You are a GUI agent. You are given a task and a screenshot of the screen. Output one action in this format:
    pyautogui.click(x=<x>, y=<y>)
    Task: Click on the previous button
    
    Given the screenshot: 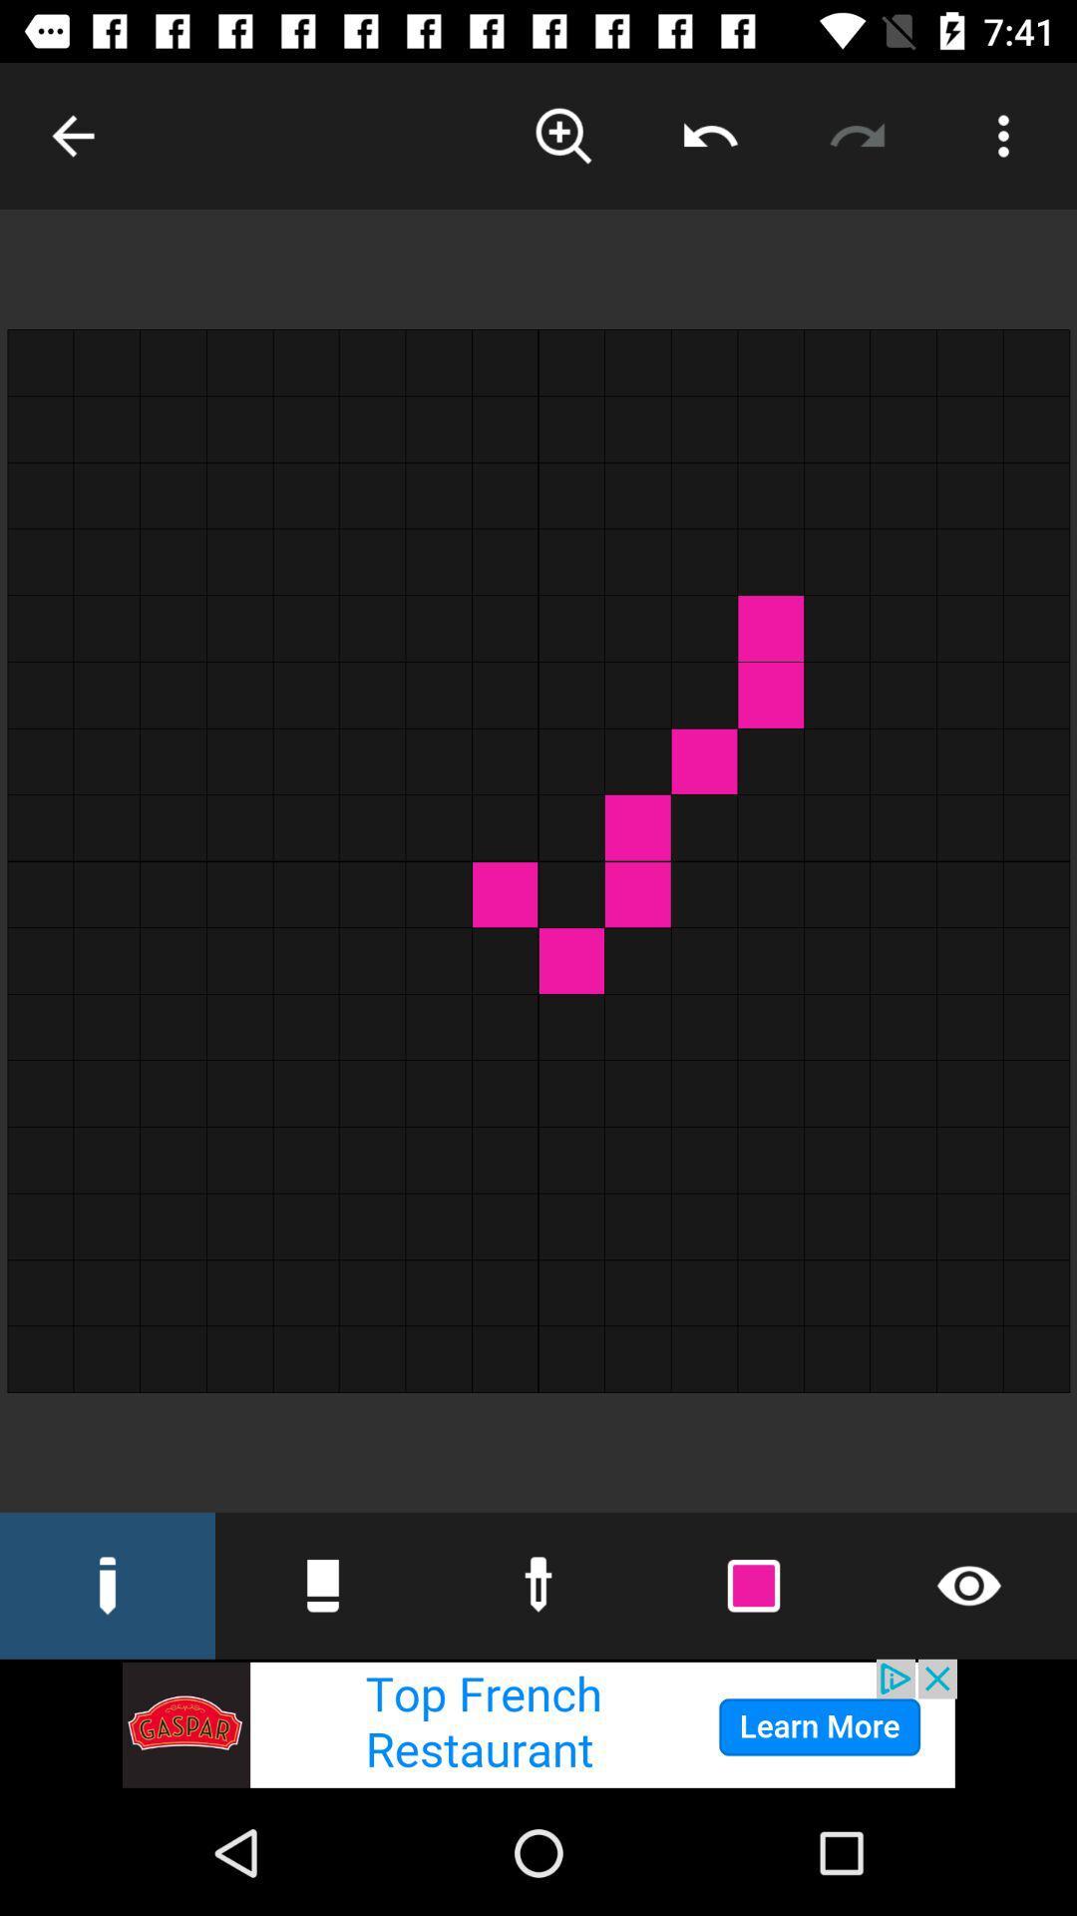 What is the action you would take?
    pyautogui.click(x=709, y=135)
    